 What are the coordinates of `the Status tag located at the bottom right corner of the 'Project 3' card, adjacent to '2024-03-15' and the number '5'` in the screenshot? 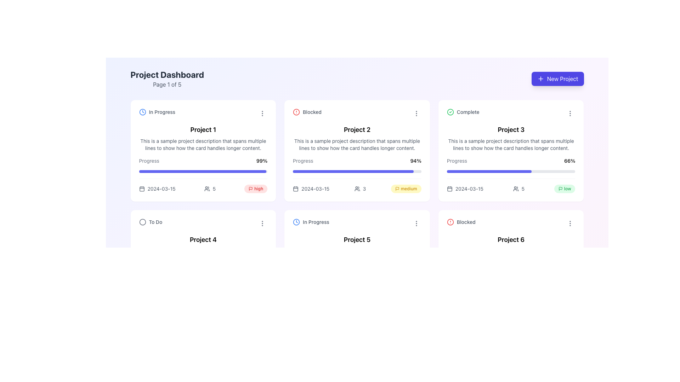 It's located at (564, 188).